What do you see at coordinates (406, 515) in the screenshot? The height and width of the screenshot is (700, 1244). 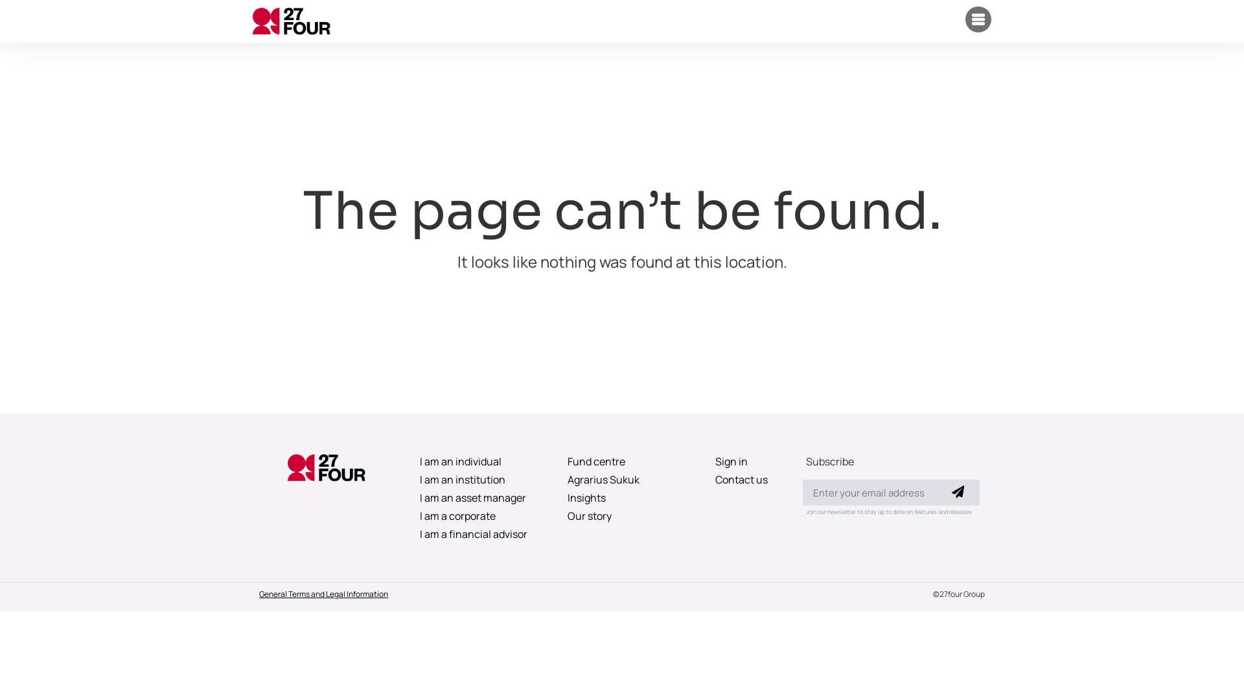 I see `'I am a corporate'` at bounding box center [406, 515].